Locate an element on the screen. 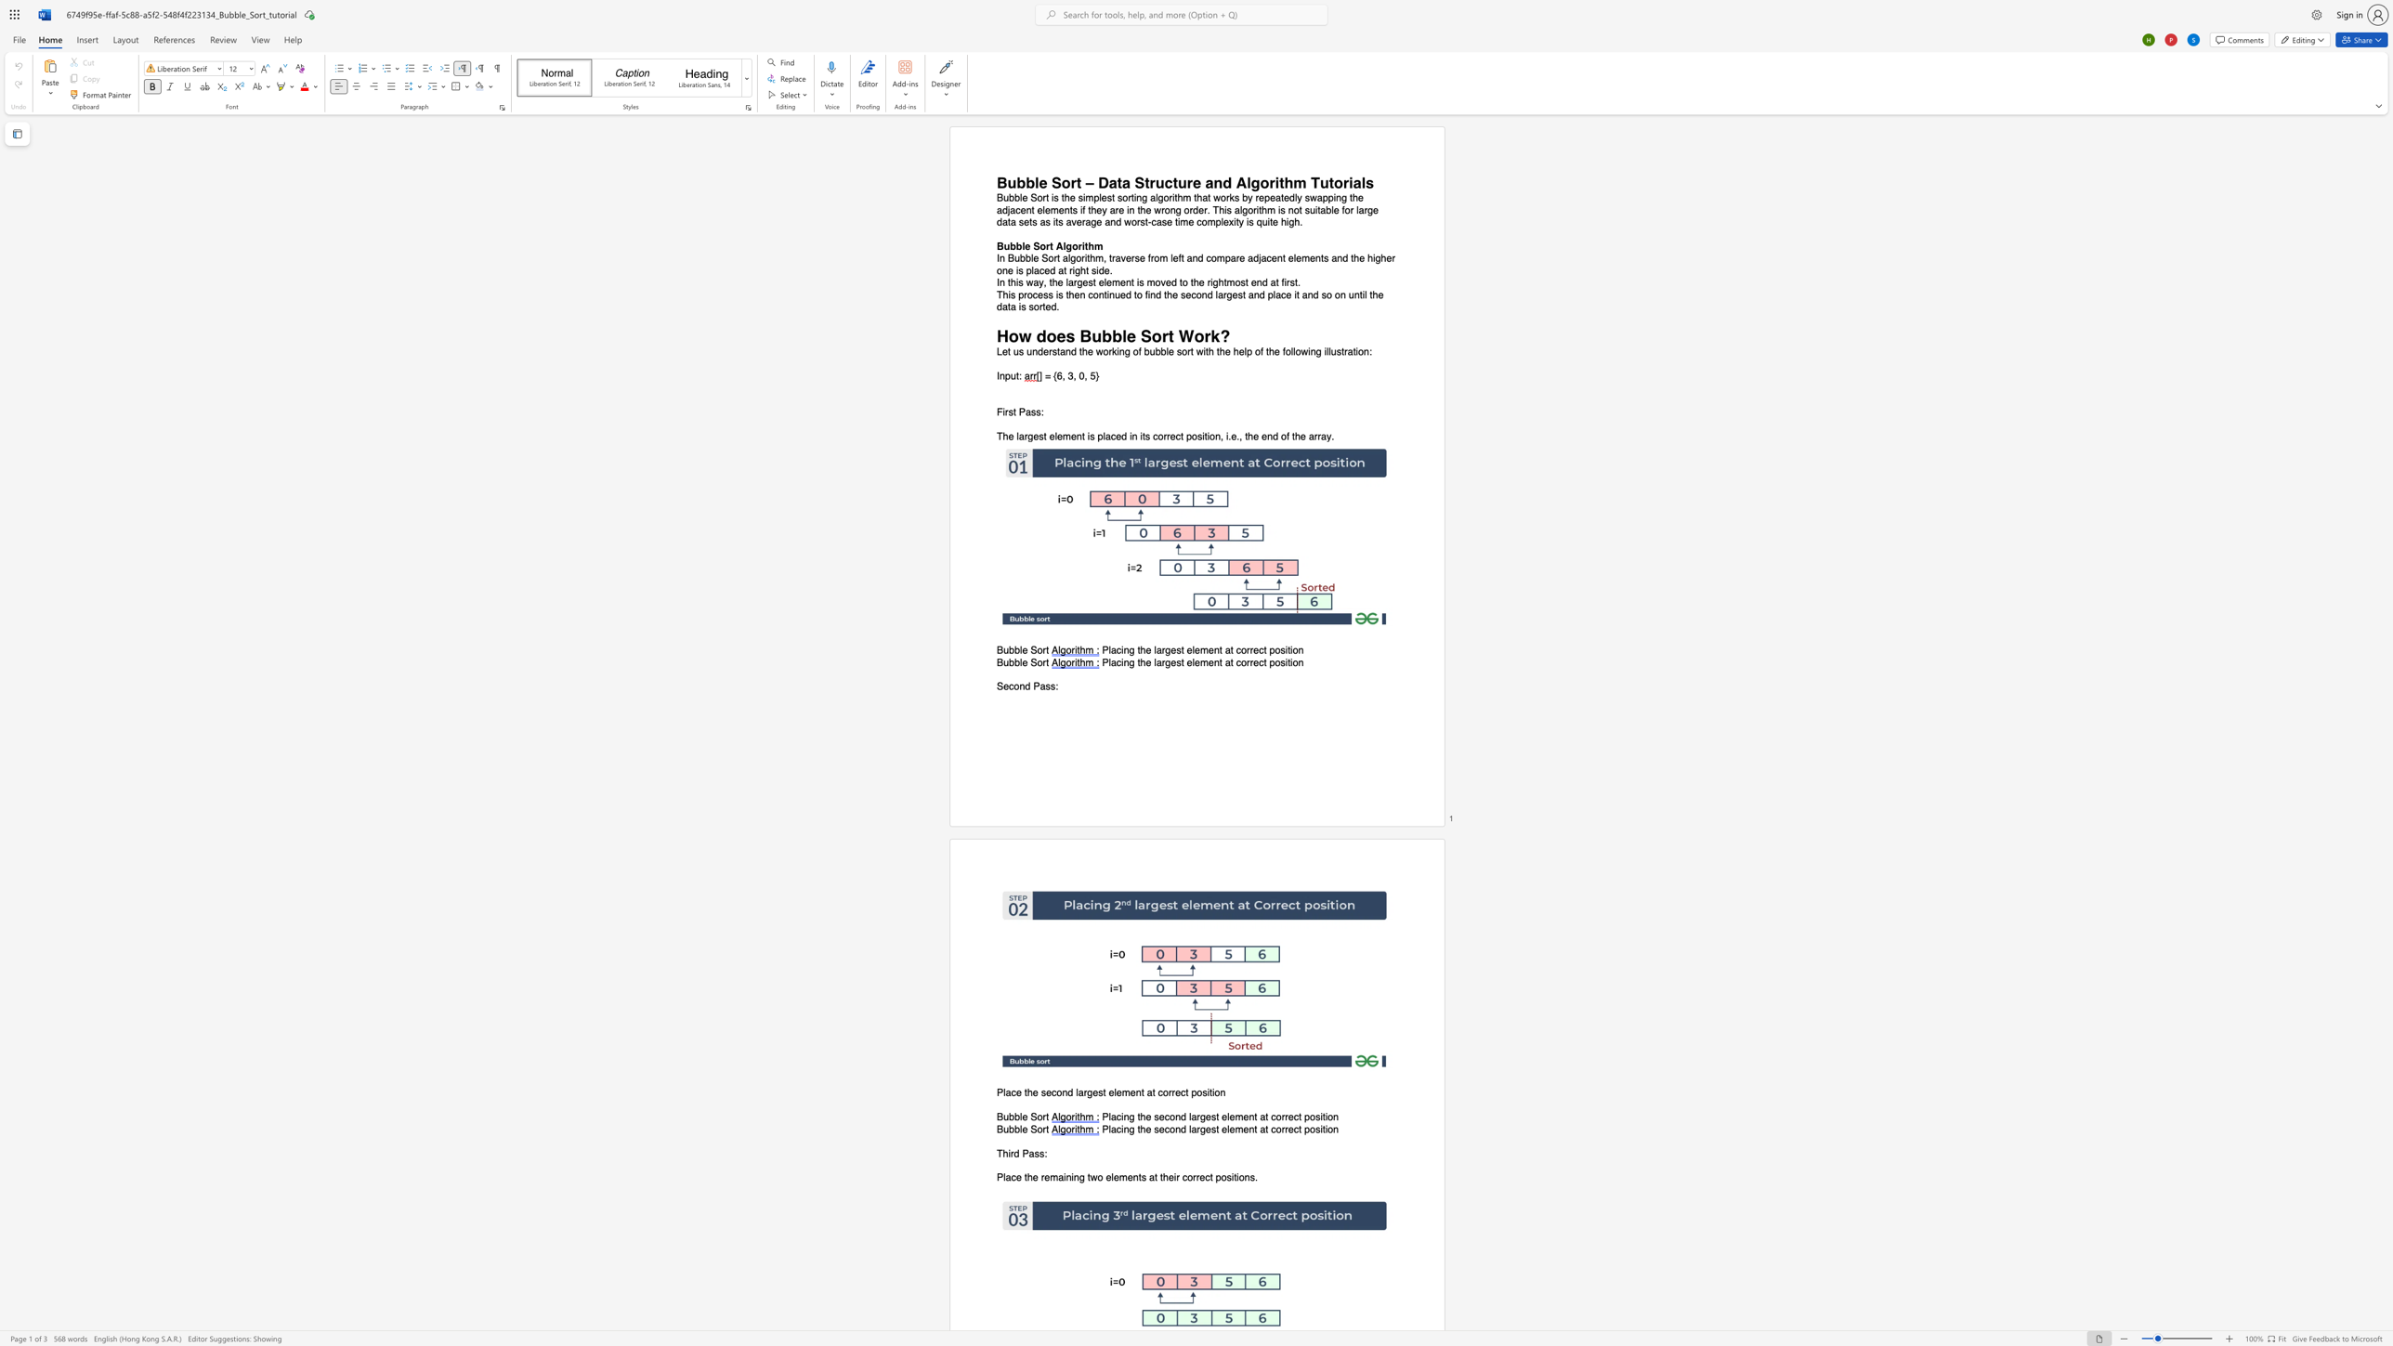  the space between the continuous character "e" and "l" in the text is located at coordinates (1103, 282).